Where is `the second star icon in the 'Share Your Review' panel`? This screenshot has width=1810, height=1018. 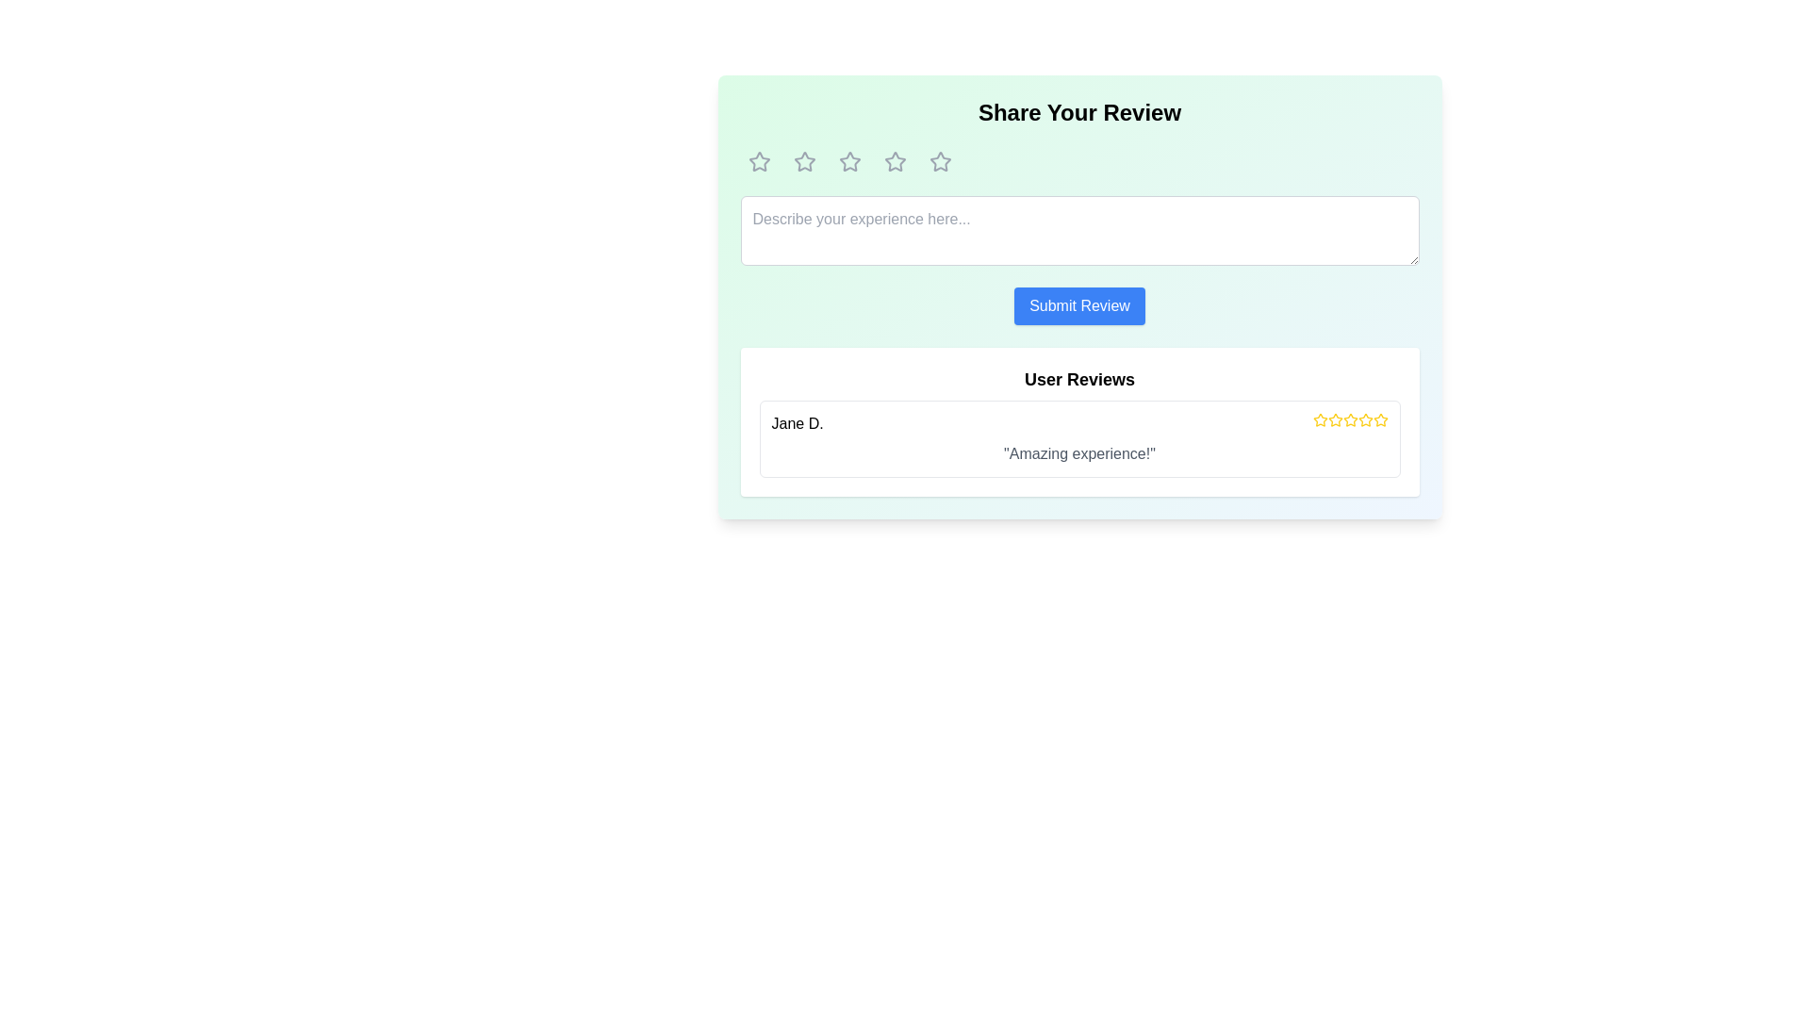 the second star icon in the 'Share Your Review' panel is located at coordinates (1319, 418).